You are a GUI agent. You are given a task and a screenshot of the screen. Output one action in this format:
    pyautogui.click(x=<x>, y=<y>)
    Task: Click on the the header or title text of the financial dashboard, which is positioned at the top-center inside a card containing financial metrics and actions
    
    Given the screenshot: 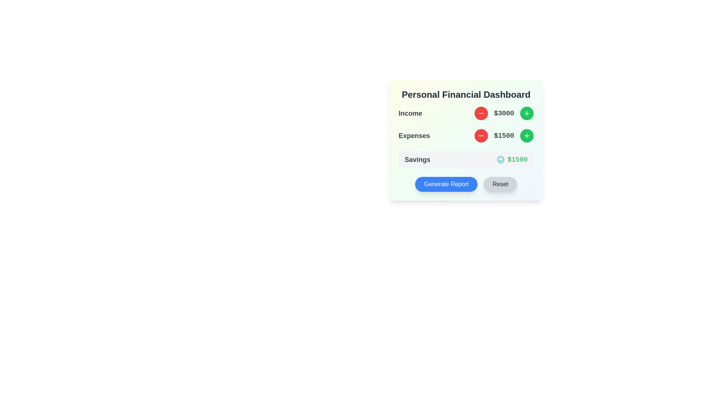 What is the action you would take?
    pyautogui.click(x=466, y=94)
    